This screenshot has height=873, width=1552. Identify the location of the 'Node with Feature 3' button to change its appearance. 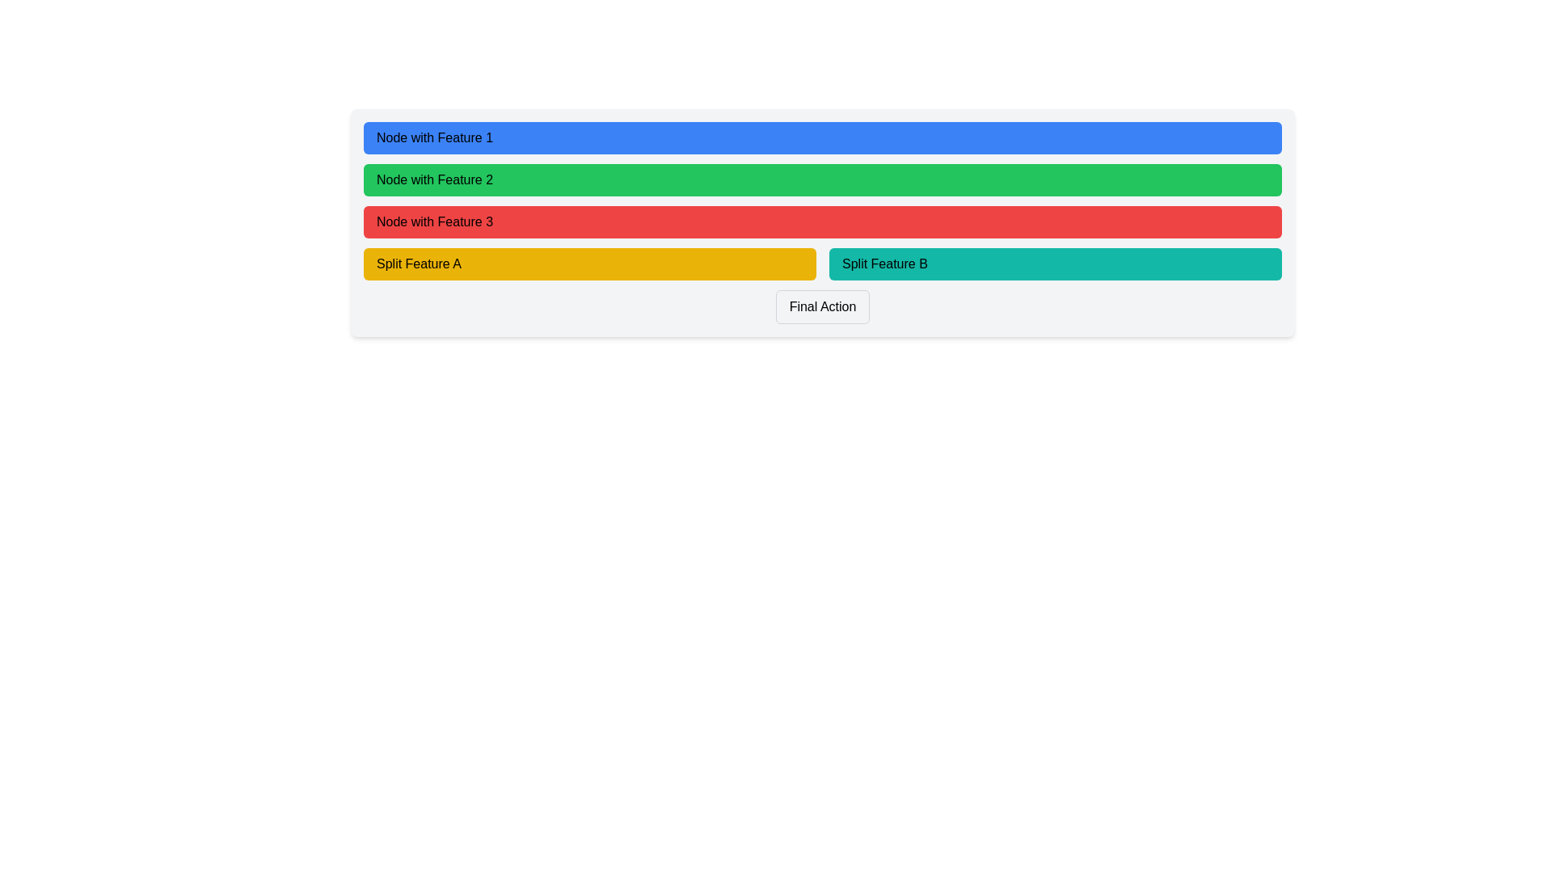
(822, 221).